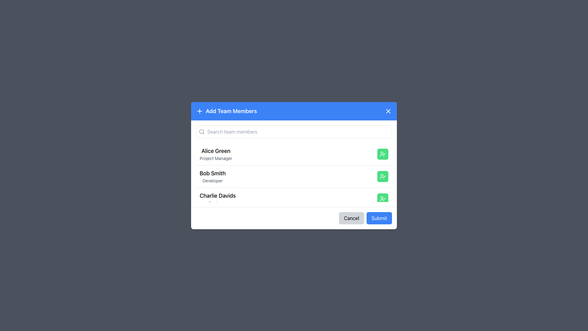 Image resolution: width=588 pixels, height=331 pixels. What do you see at coordinates (294, 176) in the screenshot?
I see `the green button associated with the second team member in the list, located between 'Alice Green' and 'Charlie Davids', to interact with this member` at bounding box center [294, 176].